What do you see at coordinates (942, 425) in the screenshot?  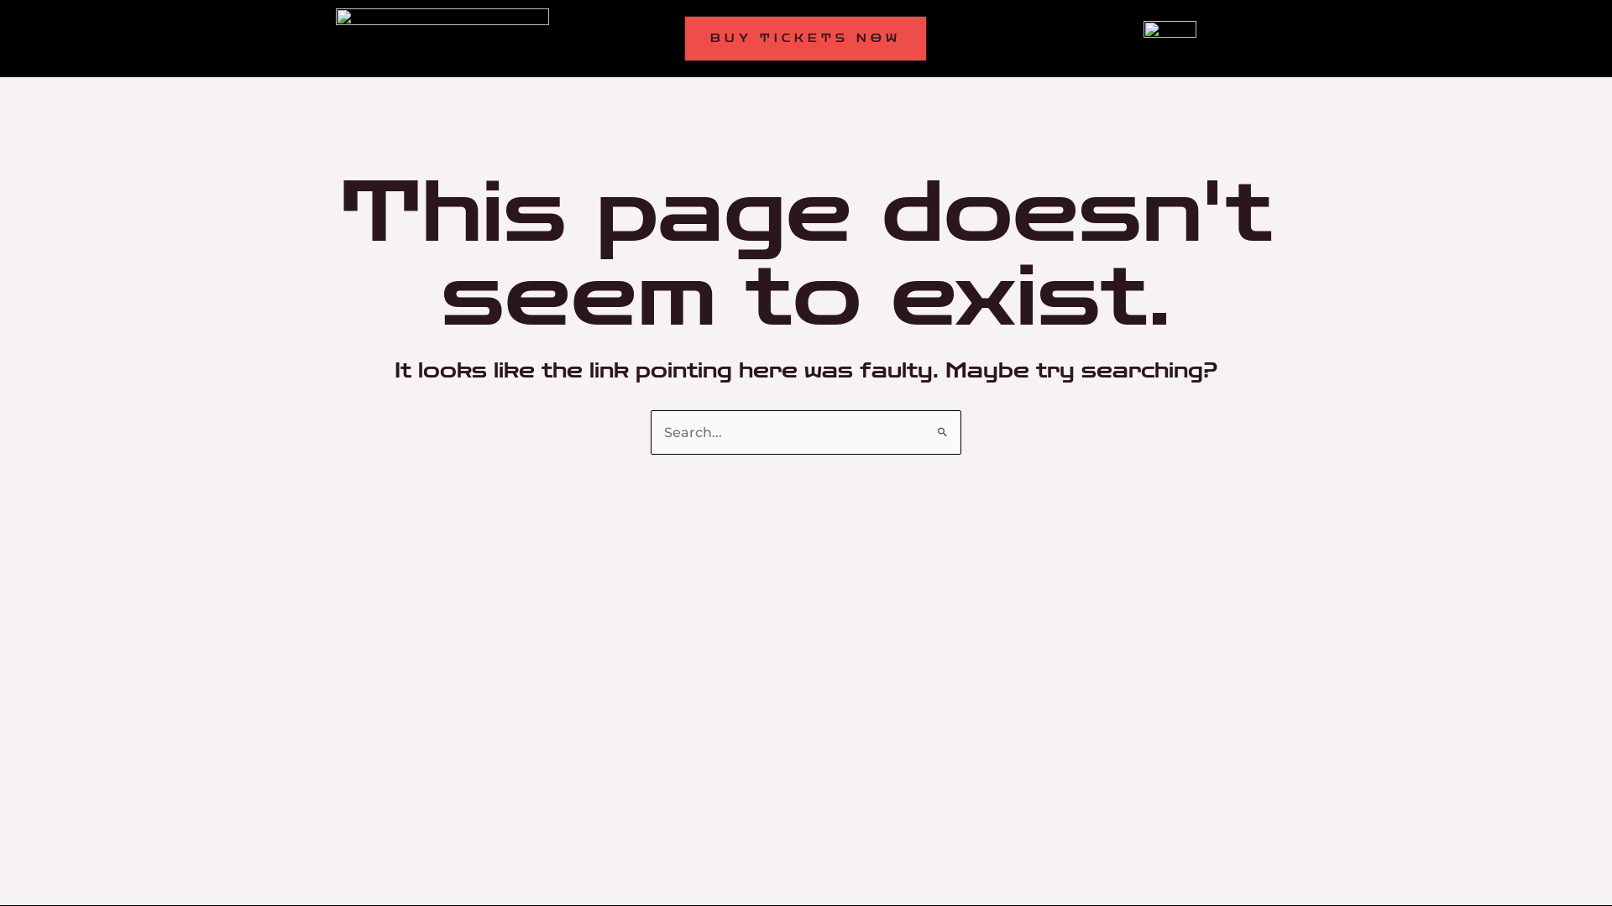 I see `'Search'` at bounding box center [942, 425].